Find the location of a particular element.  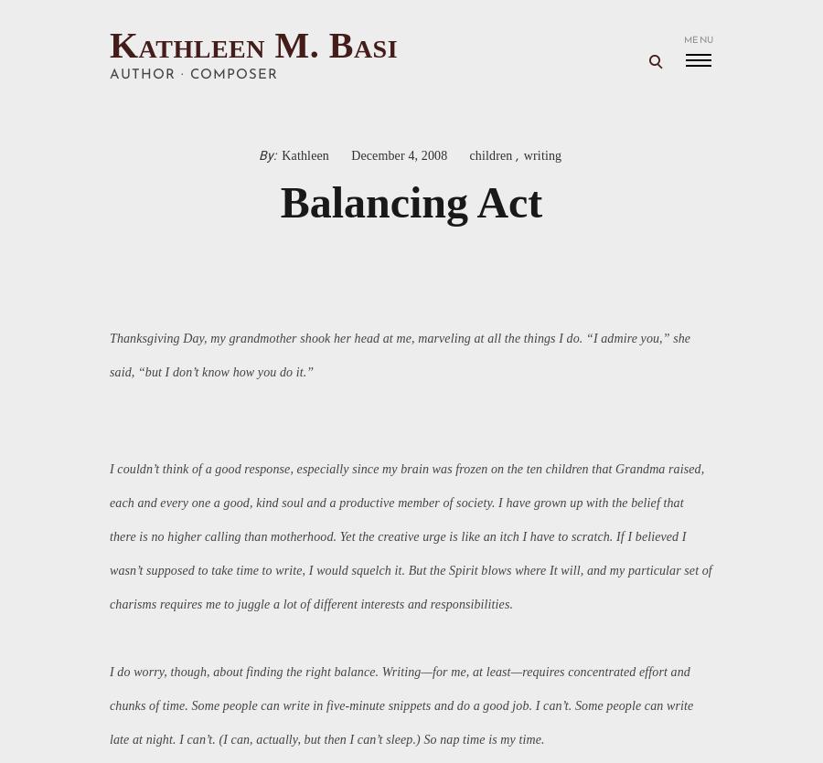

'author · composer' is located at coordinates (194, 75).